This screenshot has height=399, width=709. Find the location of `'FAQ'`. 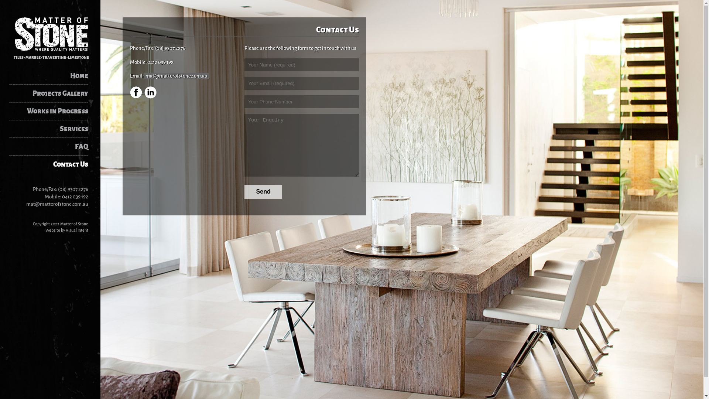

'FAQ' is located at coordinates (52, 147).